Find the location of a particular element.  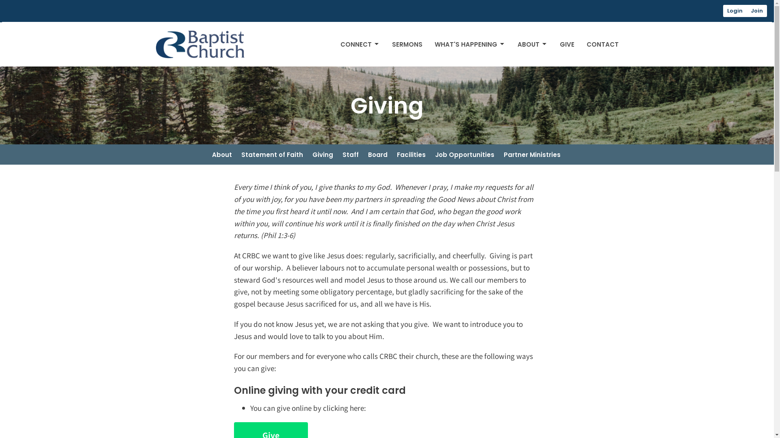

'Staff' is located at coordinates (350, 155).